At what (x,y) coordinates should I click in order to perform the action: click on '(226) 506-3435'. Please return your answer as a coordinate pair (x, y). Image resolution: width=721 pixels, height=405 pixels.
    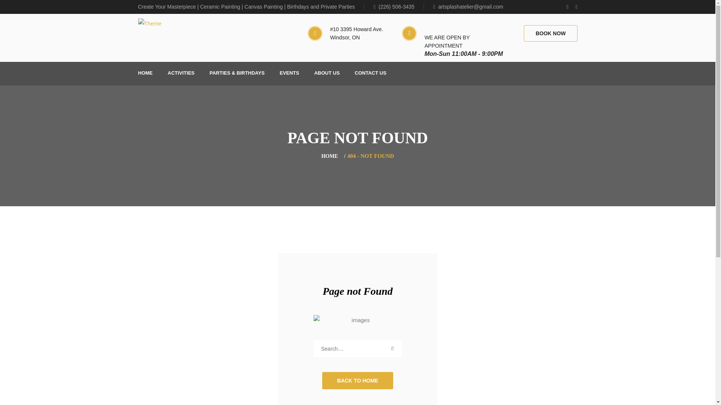
    Looking at the image, I should click on (398, 7).